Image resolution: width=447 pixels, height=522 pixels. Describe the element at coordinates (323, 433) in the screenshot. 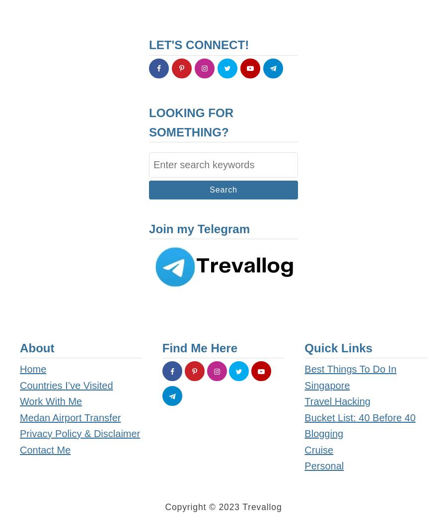

I see `'Blogging'` at that location.